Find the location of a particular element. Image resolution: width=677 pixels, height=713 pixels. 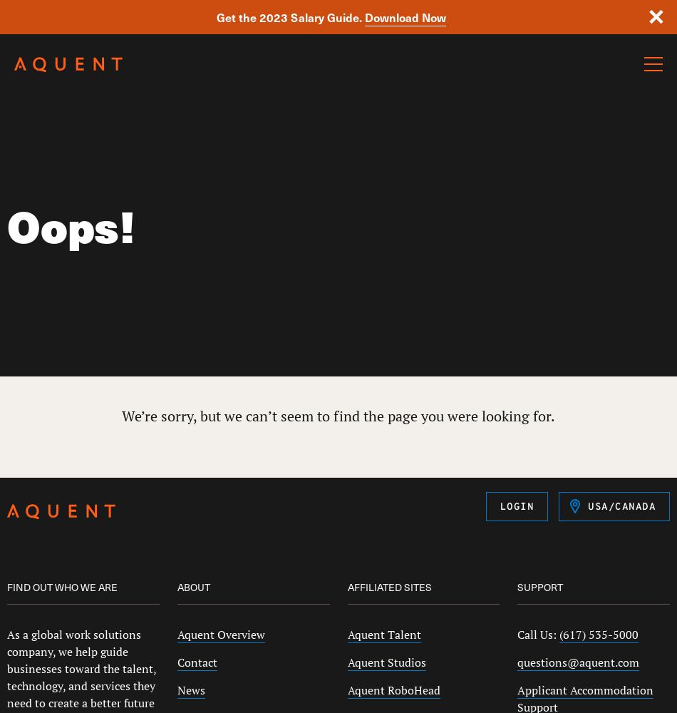

'ABOUT' is located at coordinates (192, 586).